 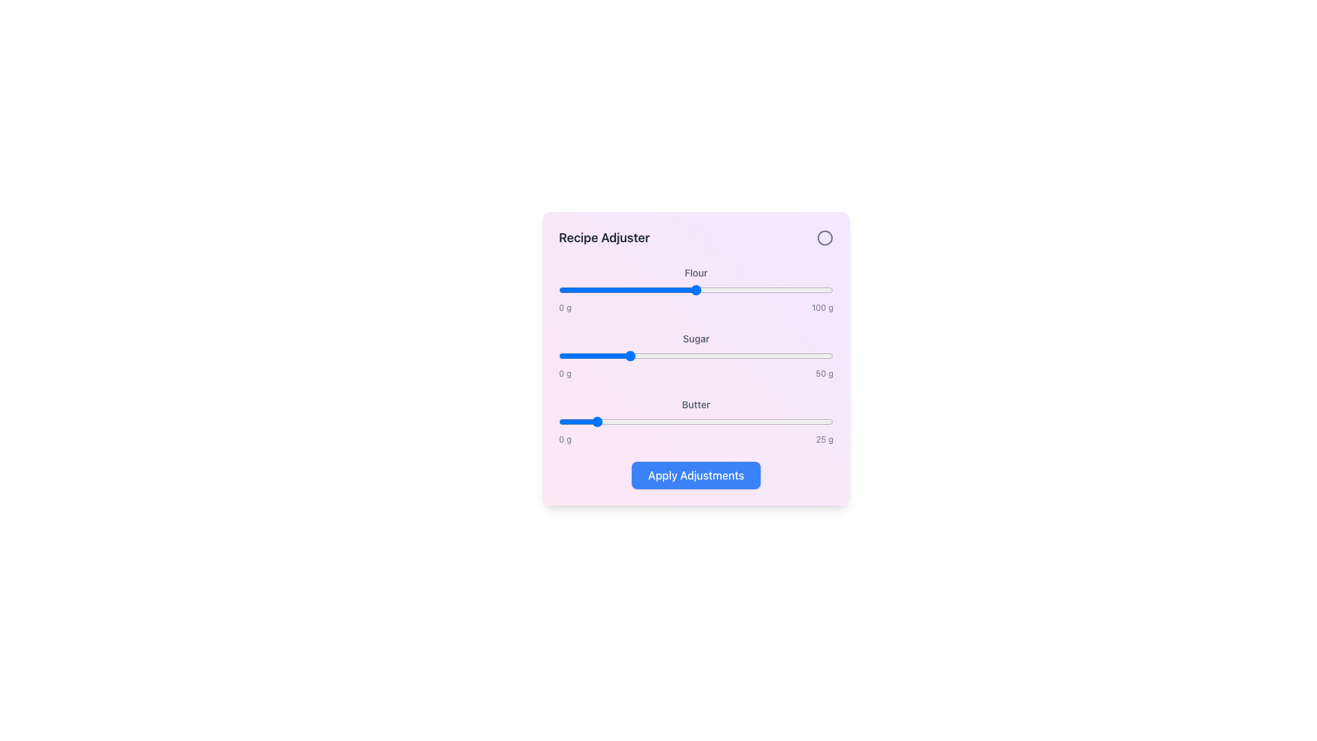 I want to click on the flour amount, so click(x=641, y=290).